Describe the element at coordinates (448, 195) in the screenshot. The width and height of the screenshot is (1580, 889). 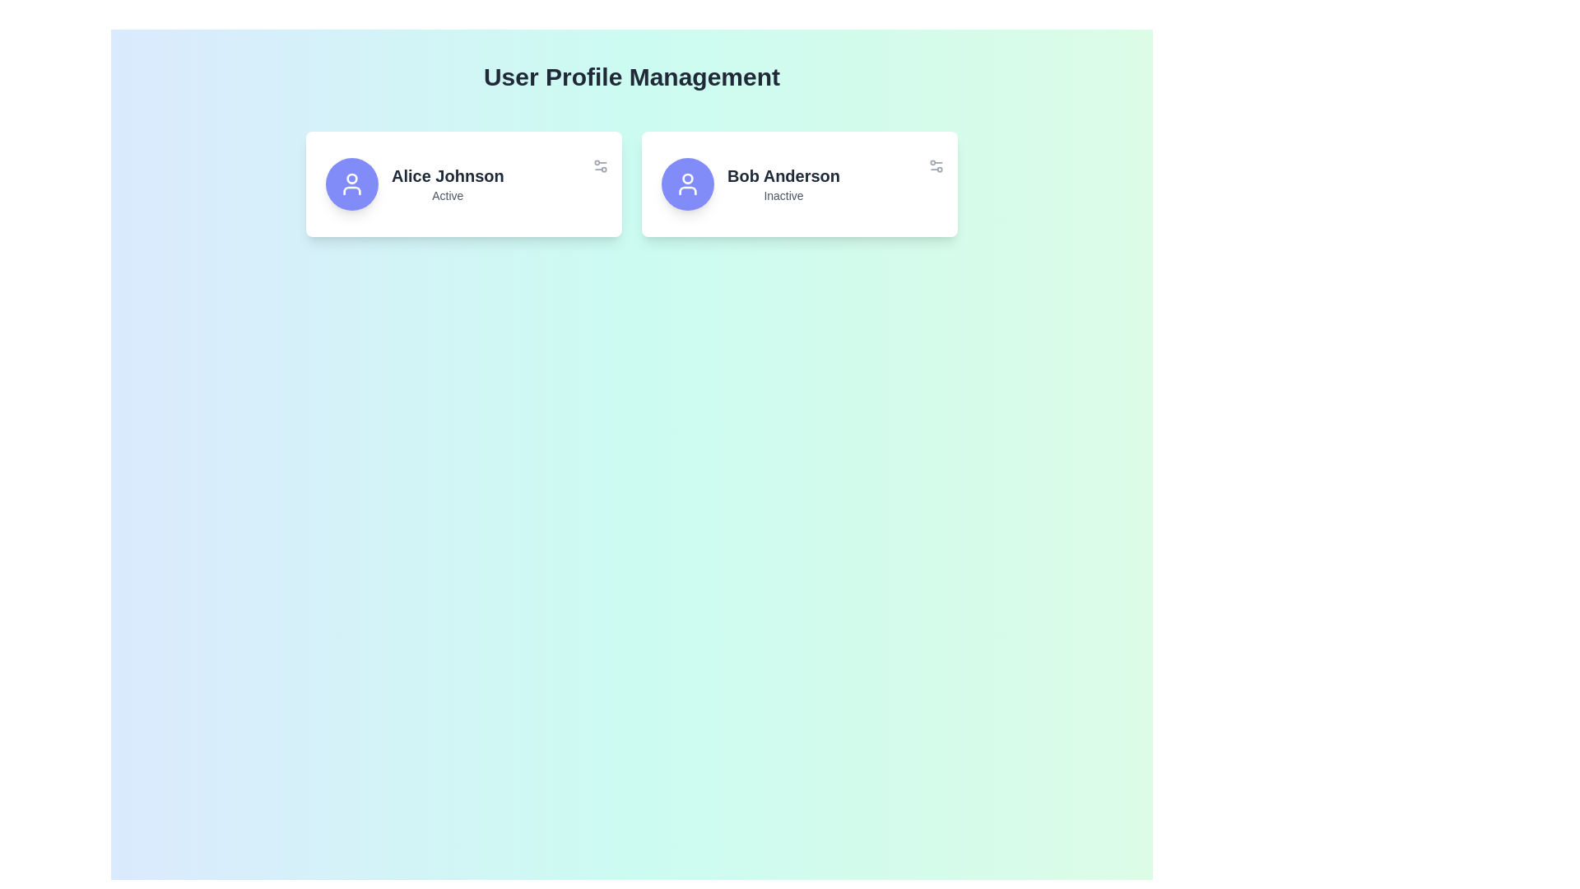
I see `the static text label indicating the user status 'Active' located under the heading 'Alice Johnson' in the left card of the two-card layout` at that location.